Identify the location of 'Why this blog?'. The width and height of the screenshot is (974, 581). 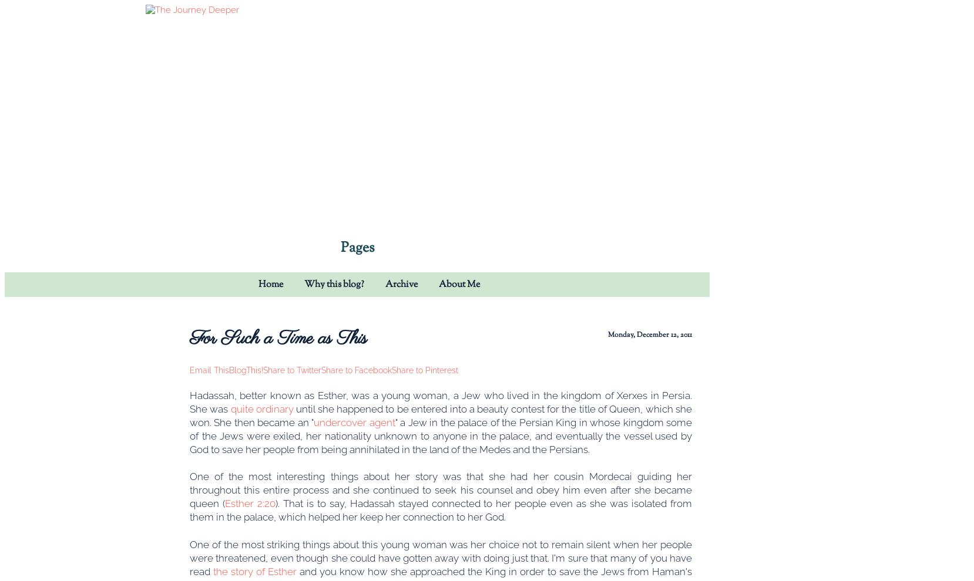
(333, 284).